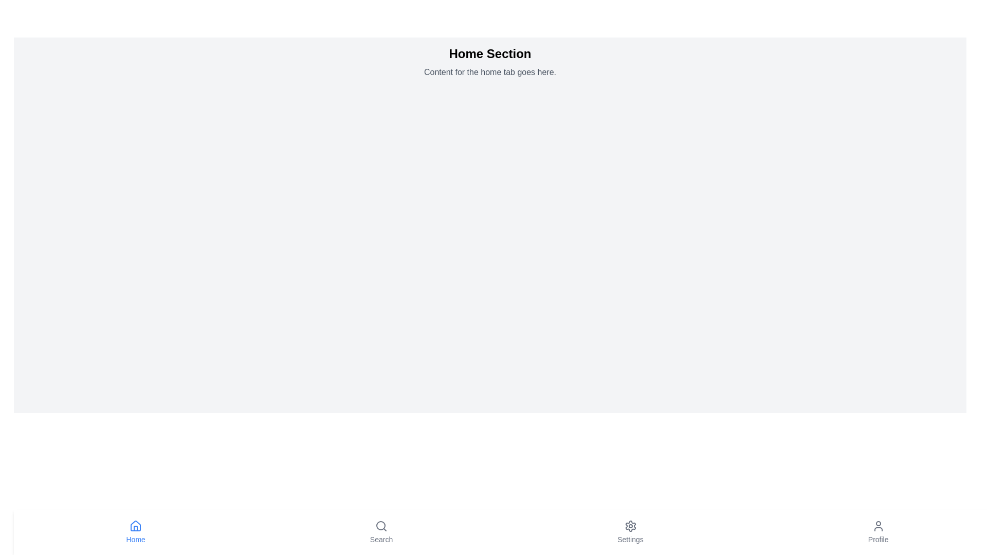 This screenshot has width=987, height=555. What do you see at coordinates (135, 526) in the screenshot?
I see `the 'Home' navigation icon located in the bottom navigation bar, which is the first icon from the left` at bounding box center [135, 526].